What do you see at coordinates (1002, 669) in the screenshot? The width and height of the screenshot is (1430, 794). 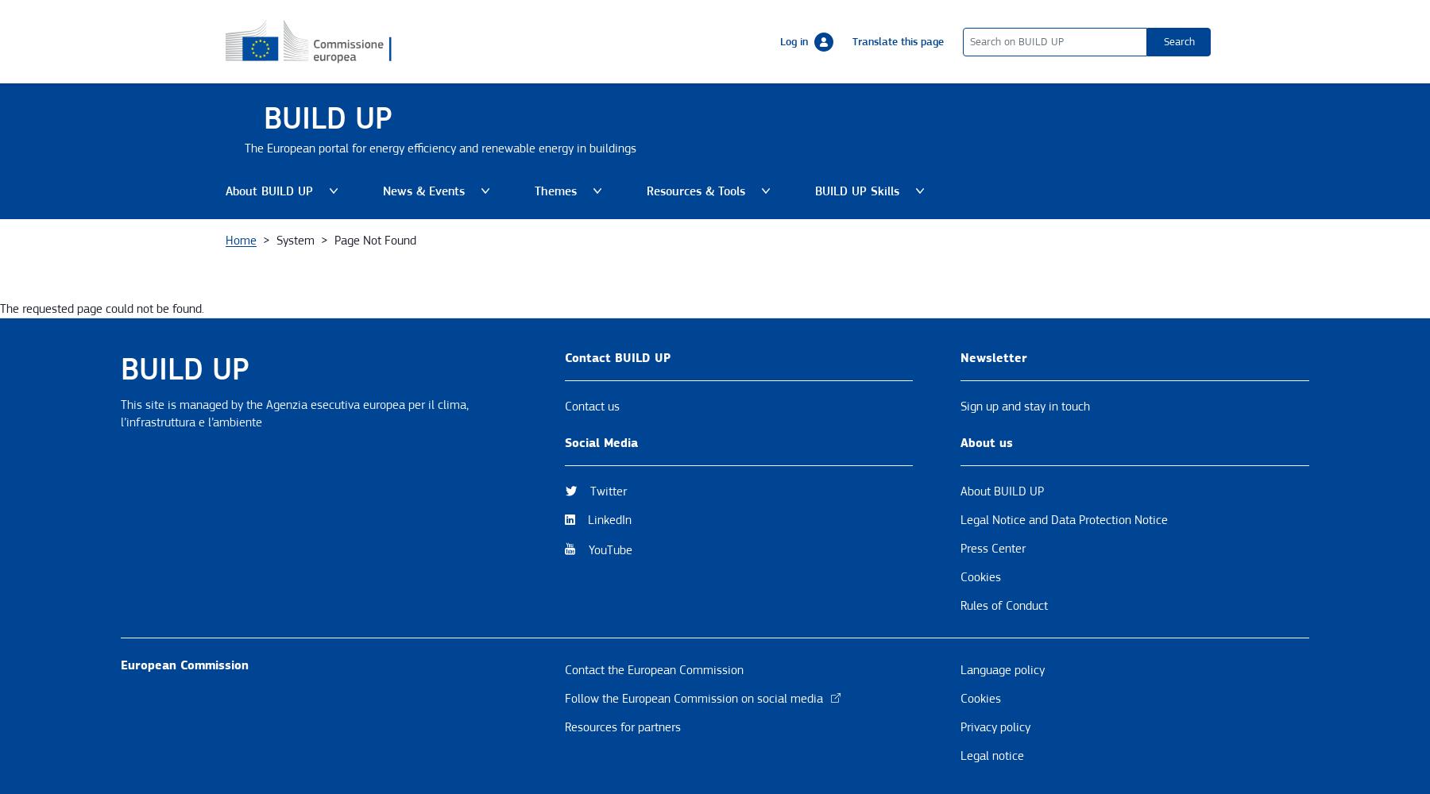 I see `'Language policy'` at bounding box center [1002, 669].